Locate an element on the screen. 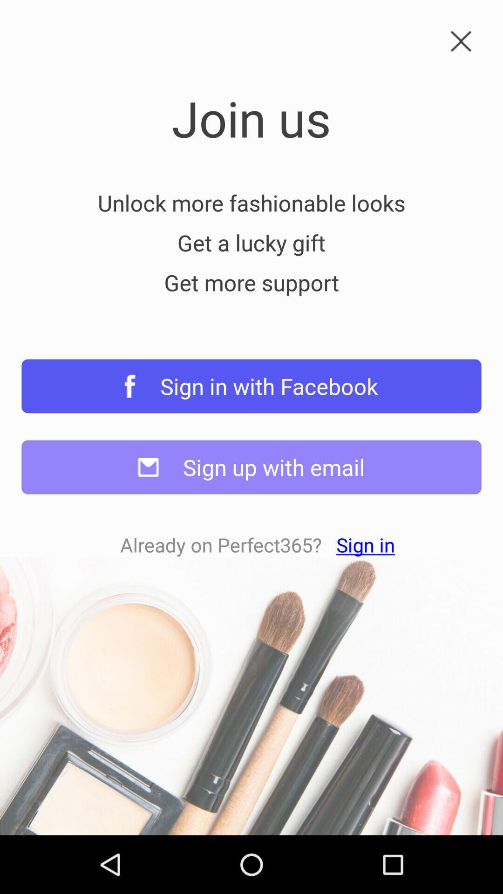  already on perfect365 icon is located at coordinates (258, 545).